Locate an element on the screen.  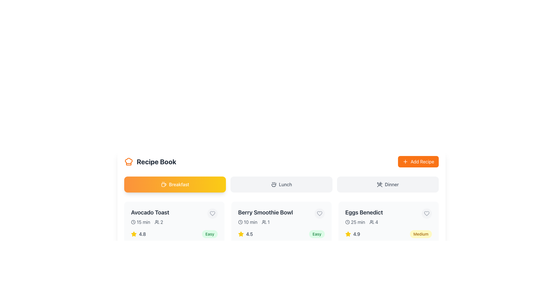
the 'Medium' difficulty level label located at the bottom-right corner of the 'Eggs Benedict' section, adjacent to the recipe rating of 4.9 is located at coordinates (421, 234).